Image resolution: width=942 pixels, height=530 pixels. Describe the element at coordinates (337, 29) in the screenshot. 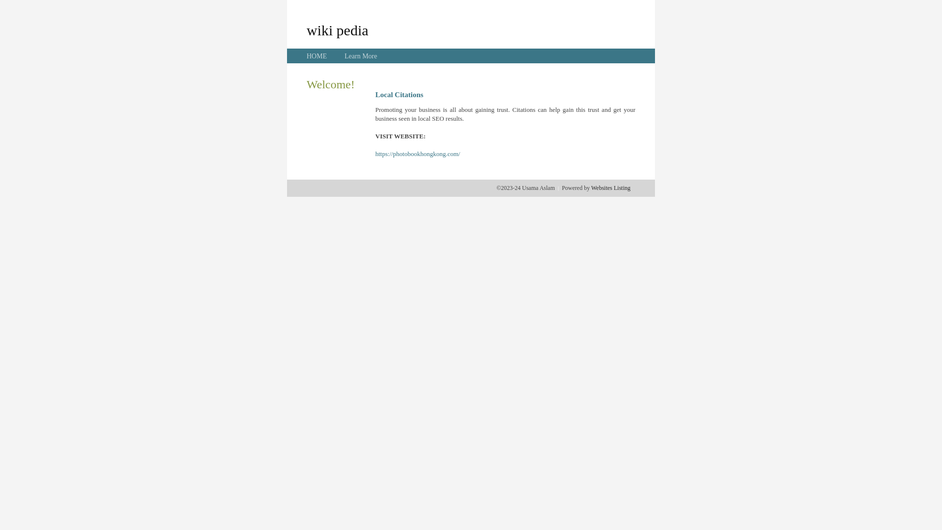

I see `'wiki pedia'` at that location.